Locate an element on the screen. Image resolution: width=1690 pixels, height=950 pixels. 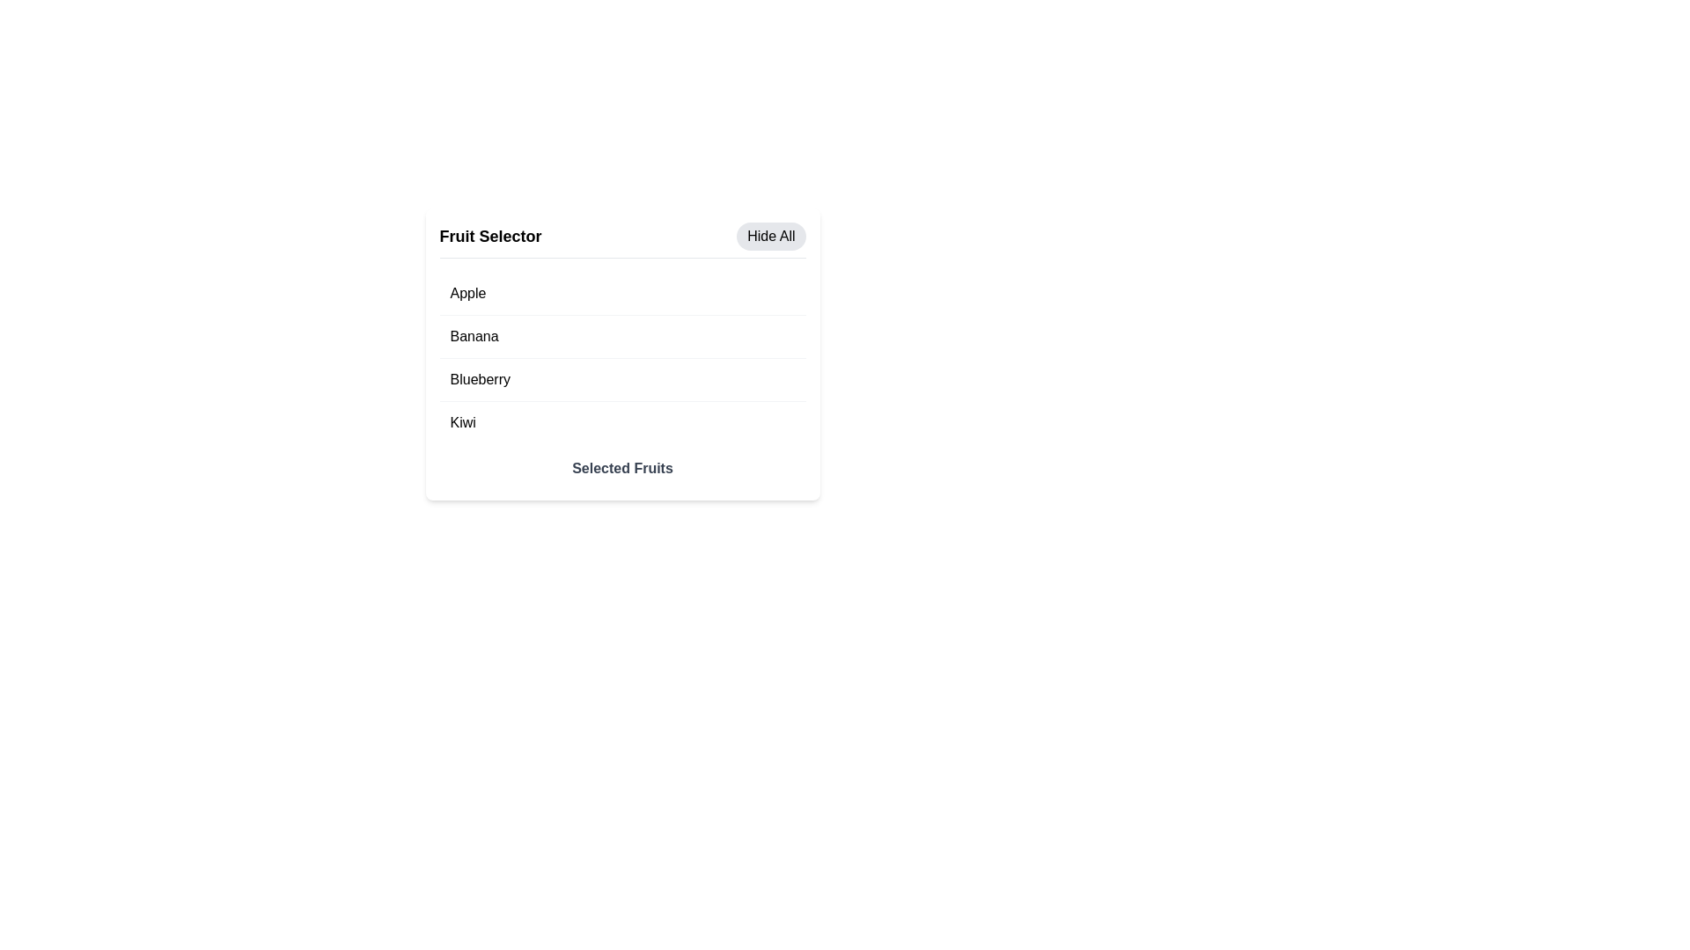
the bolded static text label displaying 'Selected Fruits' in dark gray color, located at the bottom of a card is located at coordinates (622, 471).